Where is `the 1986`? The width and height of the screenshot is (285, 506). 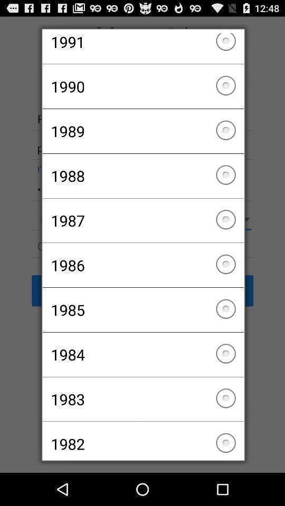 the 1986 is located at coordinates (142, 265).